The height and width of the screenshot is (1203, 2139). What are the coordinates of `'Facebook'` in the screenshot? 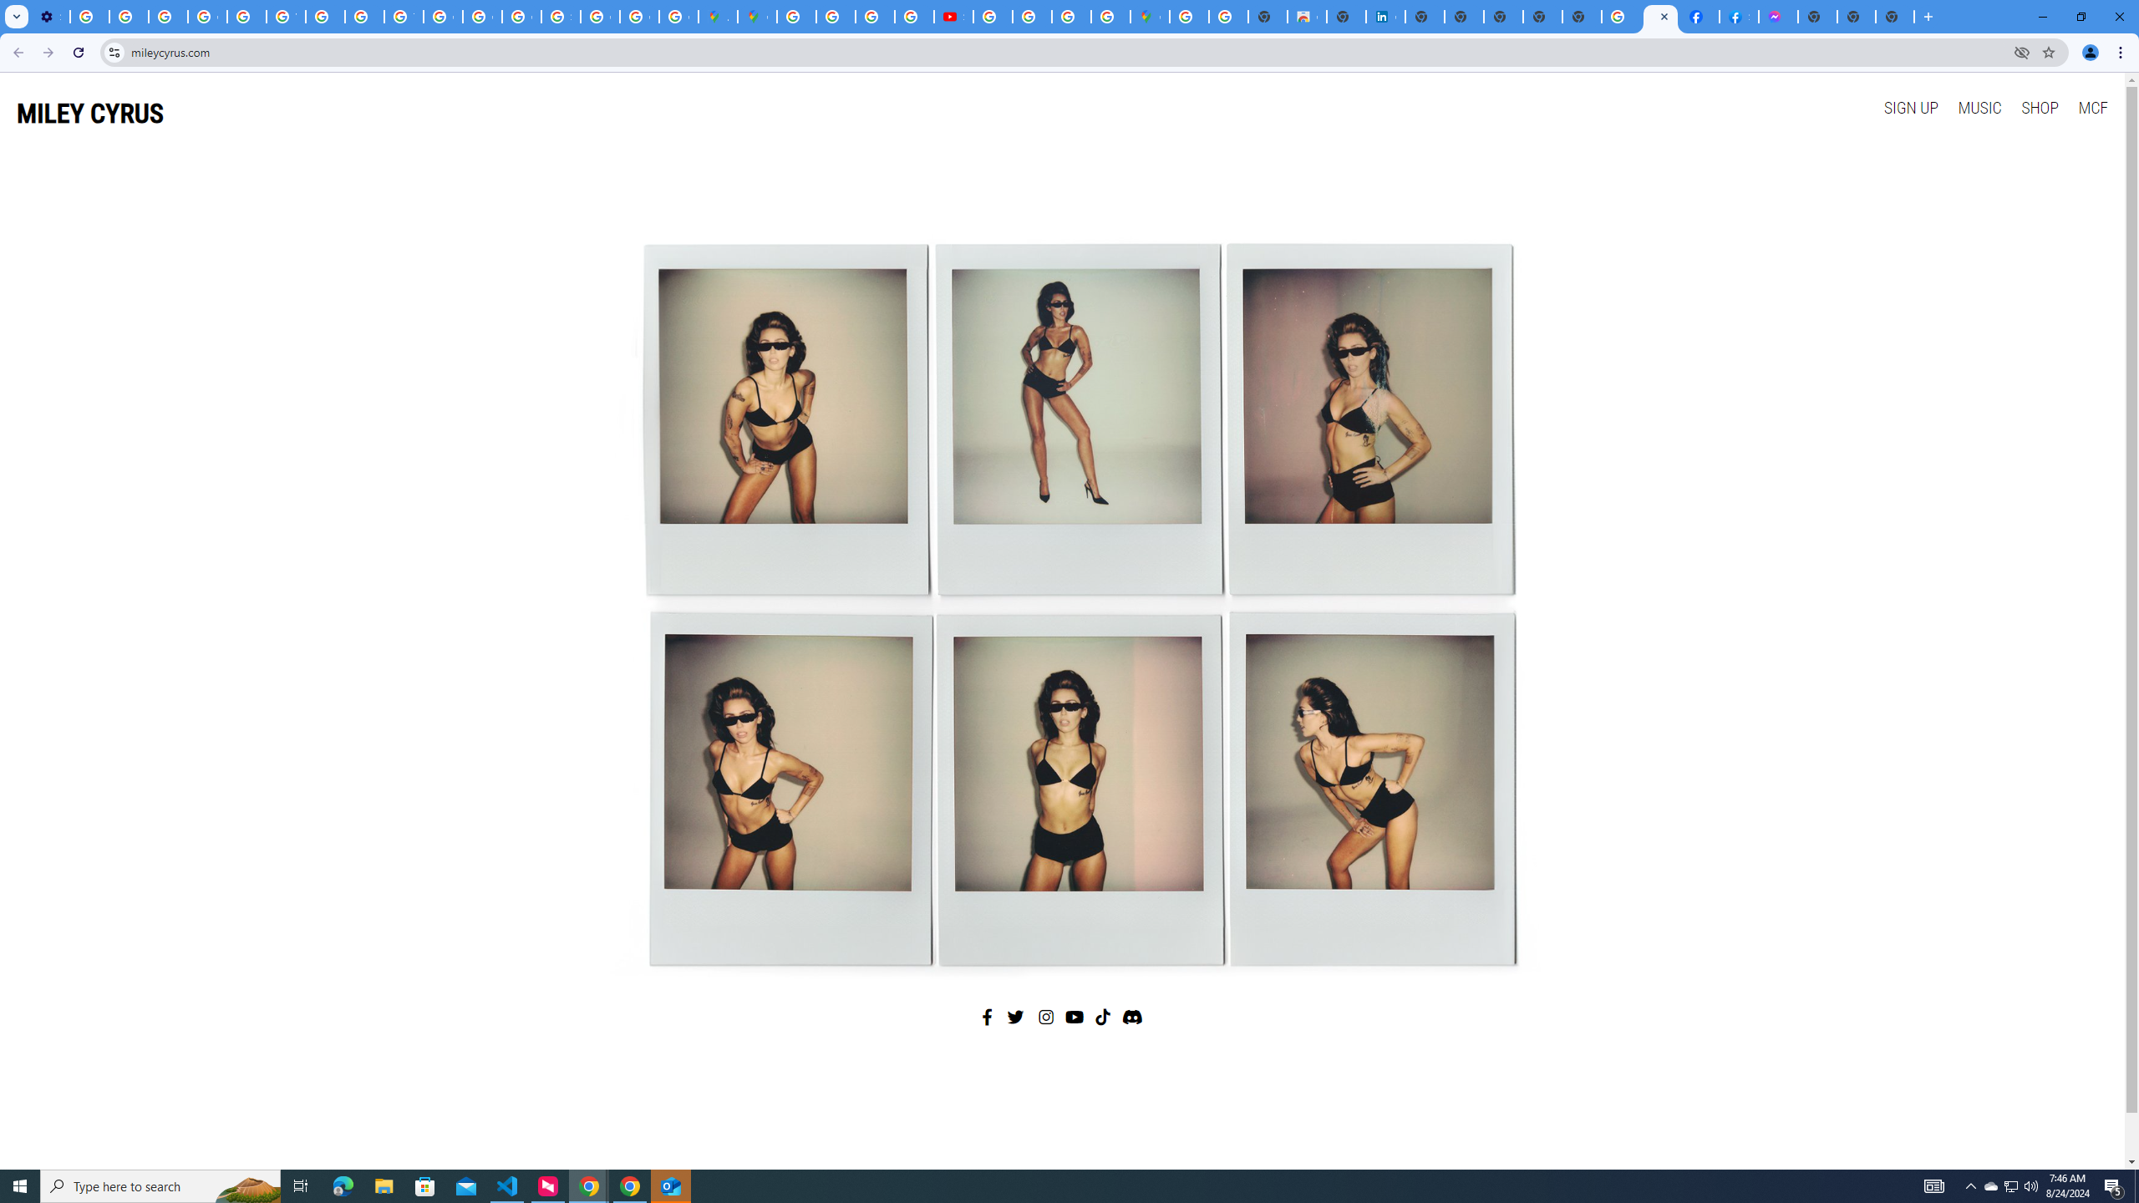 It's located at (987, 1017).